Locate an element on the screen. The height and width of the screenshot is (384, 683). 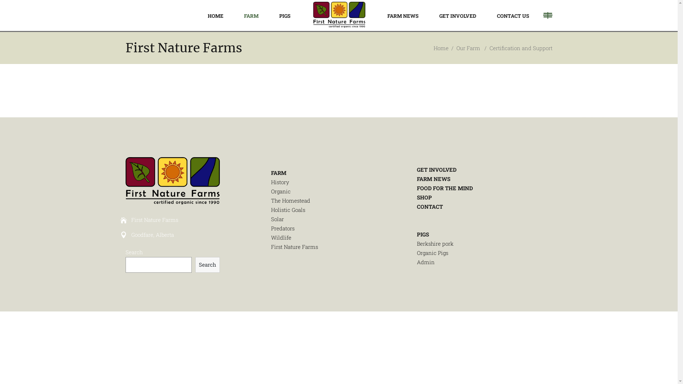
'PIGS' is located at coordinates (423, 234).